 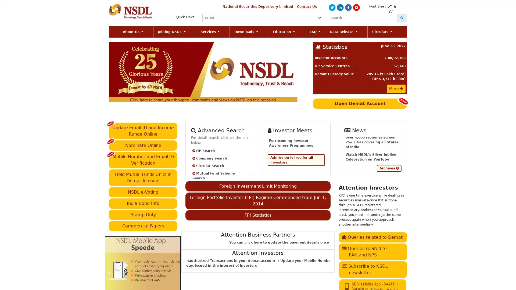 What do you see at coordinates (143, 130) in the screenshot?
I see `Update Email ID and Income Range Online` at bounding box center [143, 130].